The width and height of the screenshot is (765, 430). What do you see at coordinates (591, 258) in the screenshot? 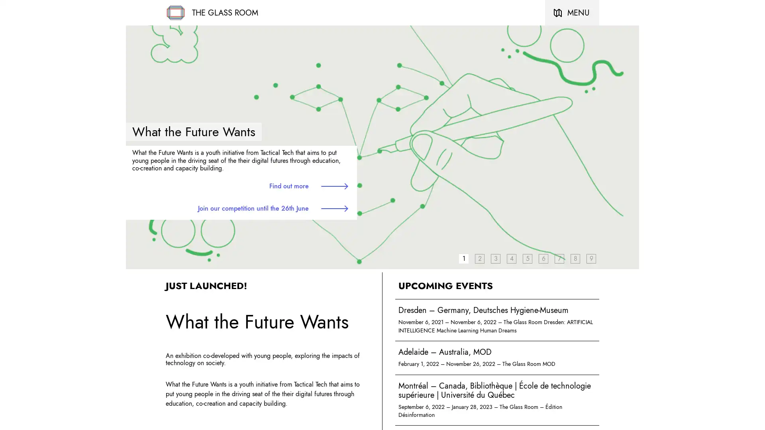
I see `slide item 9` at bounding box center [591, 258].